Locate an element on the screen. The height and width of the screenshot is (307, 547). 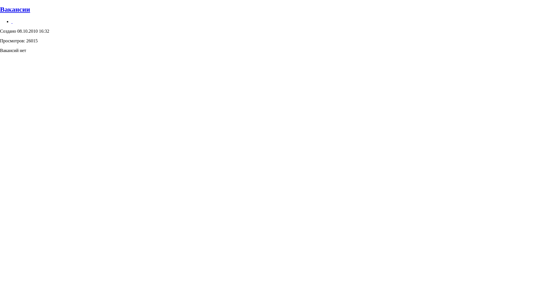
' ' is located at coordinates (12, 21).